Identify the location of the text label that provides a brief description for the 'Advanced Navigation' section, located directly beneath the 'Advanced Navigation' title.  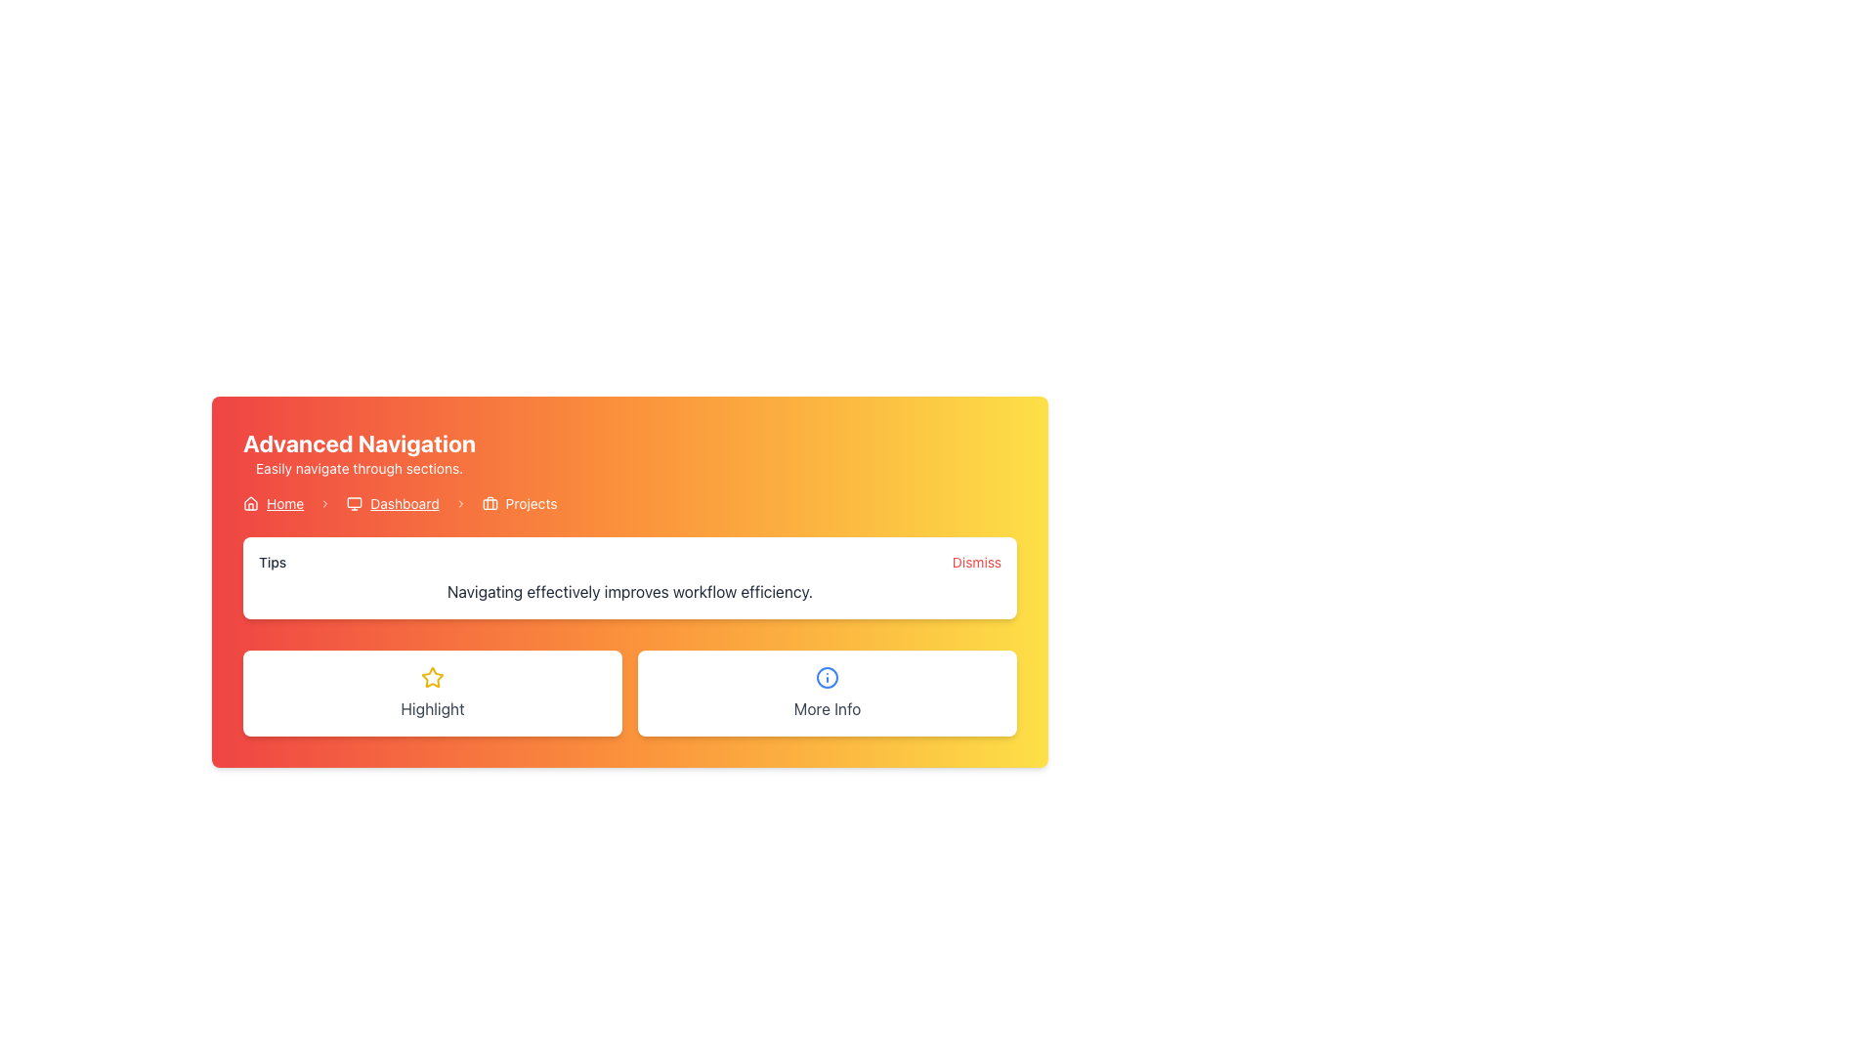
(360, 468).